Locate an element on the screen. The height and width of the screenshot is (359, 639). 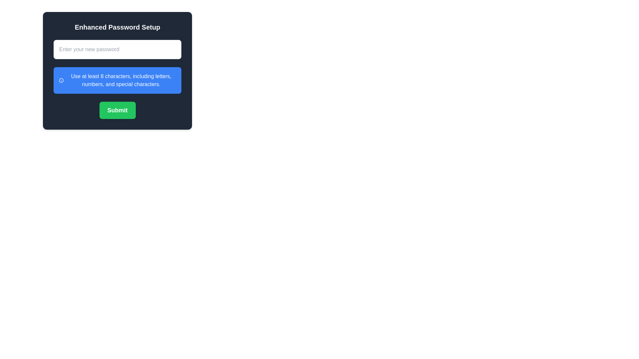
the circular outline part of the icon located within the blue informational box under the password input field is located at coordinates (61, 80).